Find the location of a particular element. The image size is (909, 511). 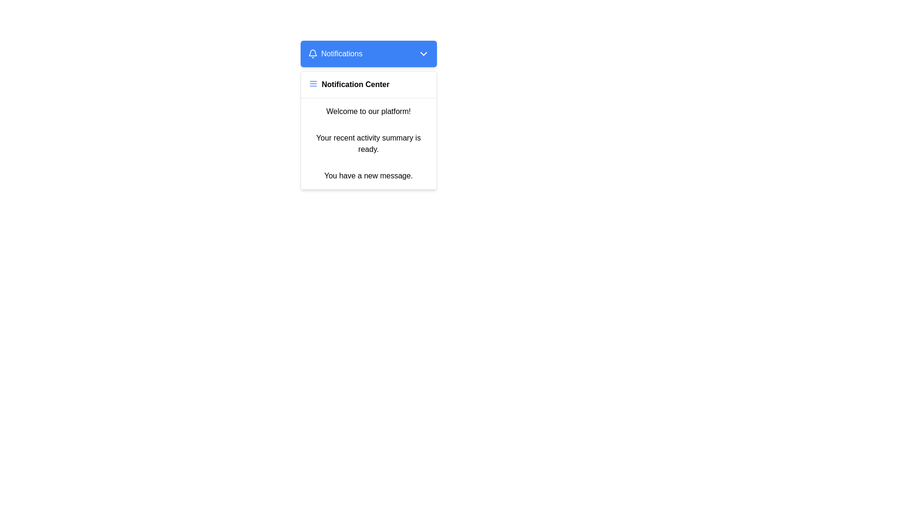

the notification Text block that informs the user about the readiness of their recent activity summary, located under the 'Notification Center' header is located at coordinates (368, 144).